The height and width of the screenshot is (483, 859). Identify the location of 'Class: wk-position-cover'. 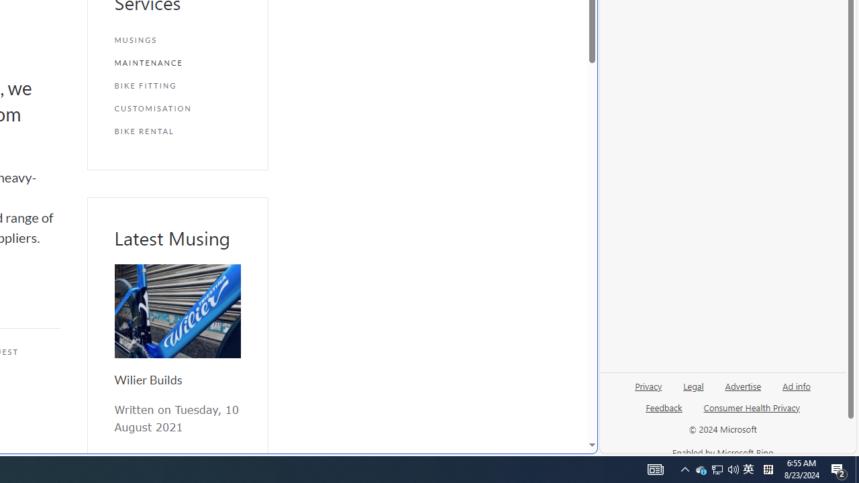
(176, 311).